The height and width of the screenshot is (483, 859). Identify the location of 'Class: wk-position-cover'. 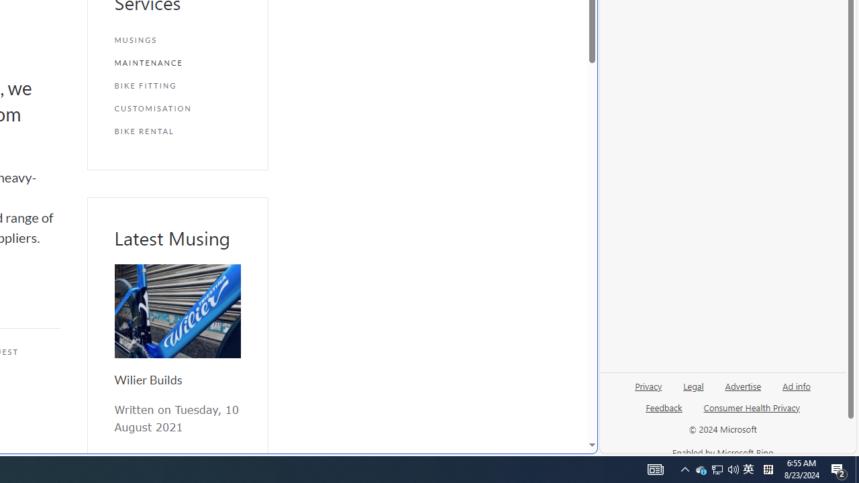
(176, 311).